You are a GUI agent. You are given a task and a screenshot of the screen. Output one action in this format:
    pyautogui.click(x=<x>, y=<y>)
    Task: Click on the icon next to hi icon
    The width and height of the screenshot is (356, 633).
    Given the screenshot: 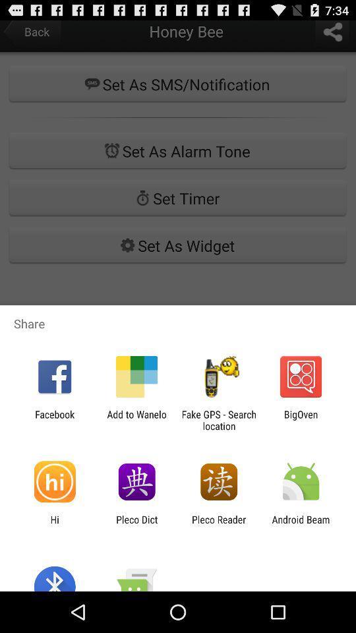 What is the action you would take?
    pyautogui.click(x=136, y=525)
    